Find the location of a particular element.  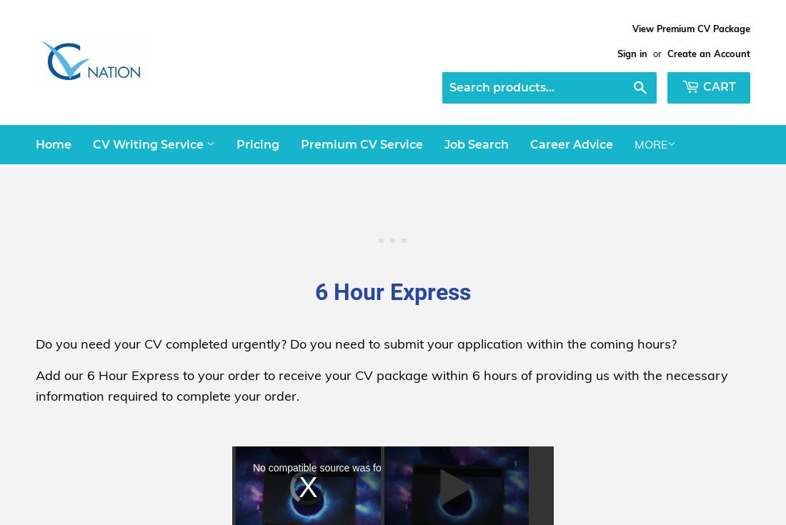

'Do you need your CV completed urgently? Do you need to submit your application within the coming hours?' is located at coordinates (356, 344).